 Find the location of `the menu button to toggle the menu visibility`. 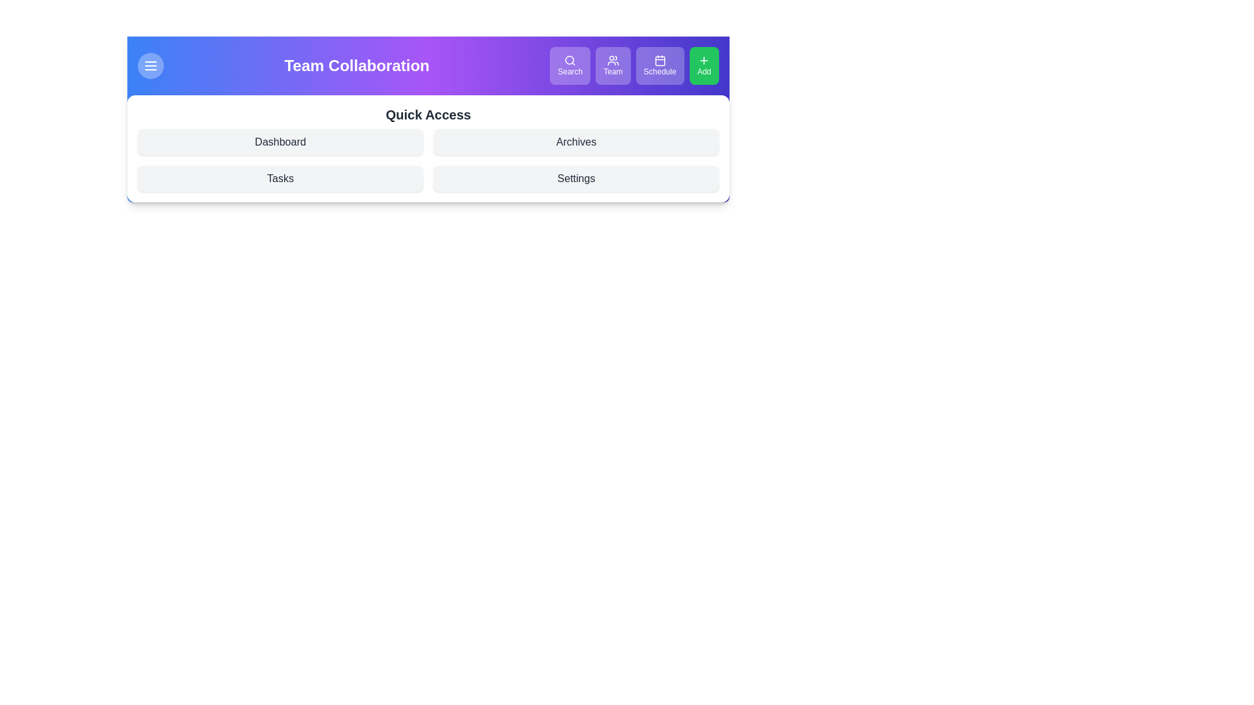

the menu button to toggle the menu visibility is located at coordinates (150, 65).